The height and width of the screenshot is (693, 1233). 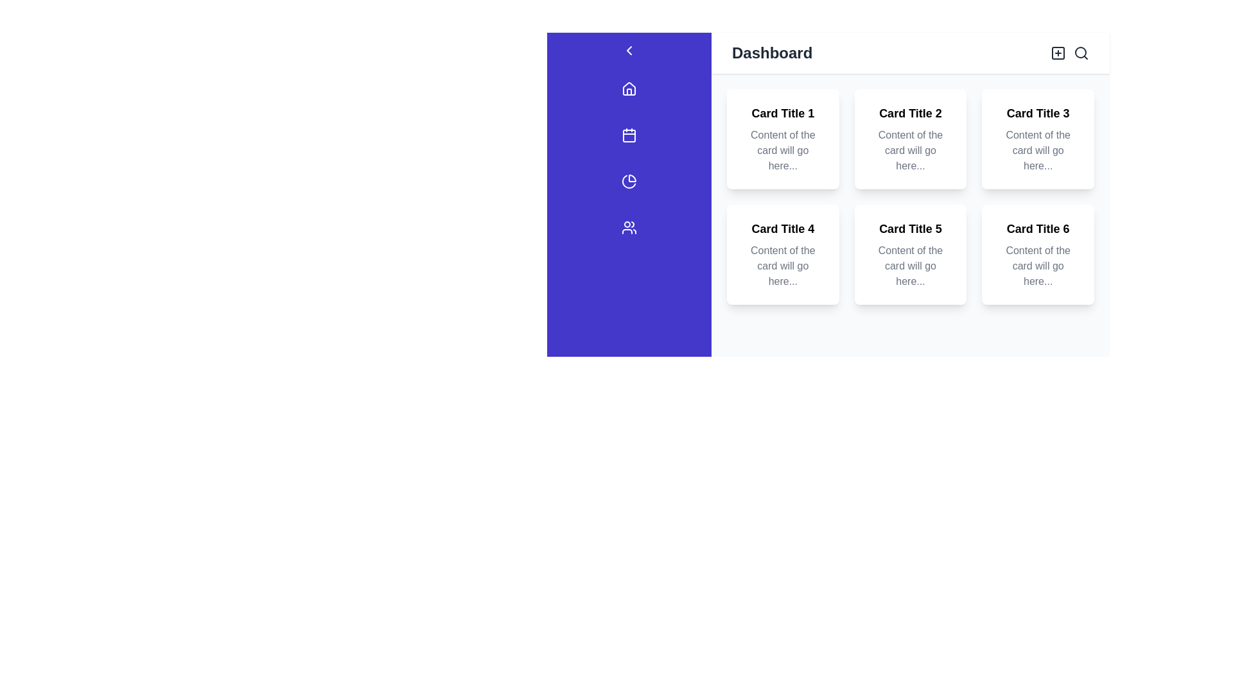 I want to click on the Text label located directly below 'Card Title 3' in the top right quadrant of the interface, so click(x=1038, y=150).